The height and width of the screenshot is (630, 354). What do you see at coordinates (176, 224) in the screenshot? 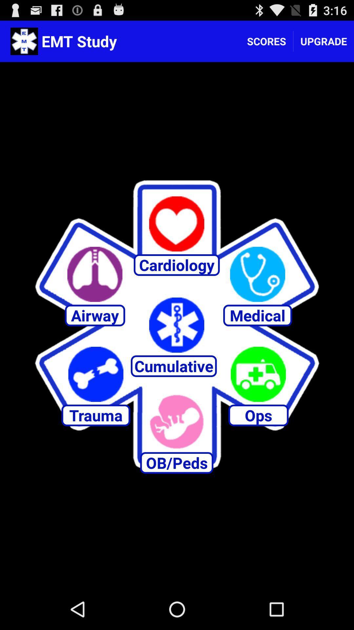
I see `to favourite` at bounding box center [176, 224].